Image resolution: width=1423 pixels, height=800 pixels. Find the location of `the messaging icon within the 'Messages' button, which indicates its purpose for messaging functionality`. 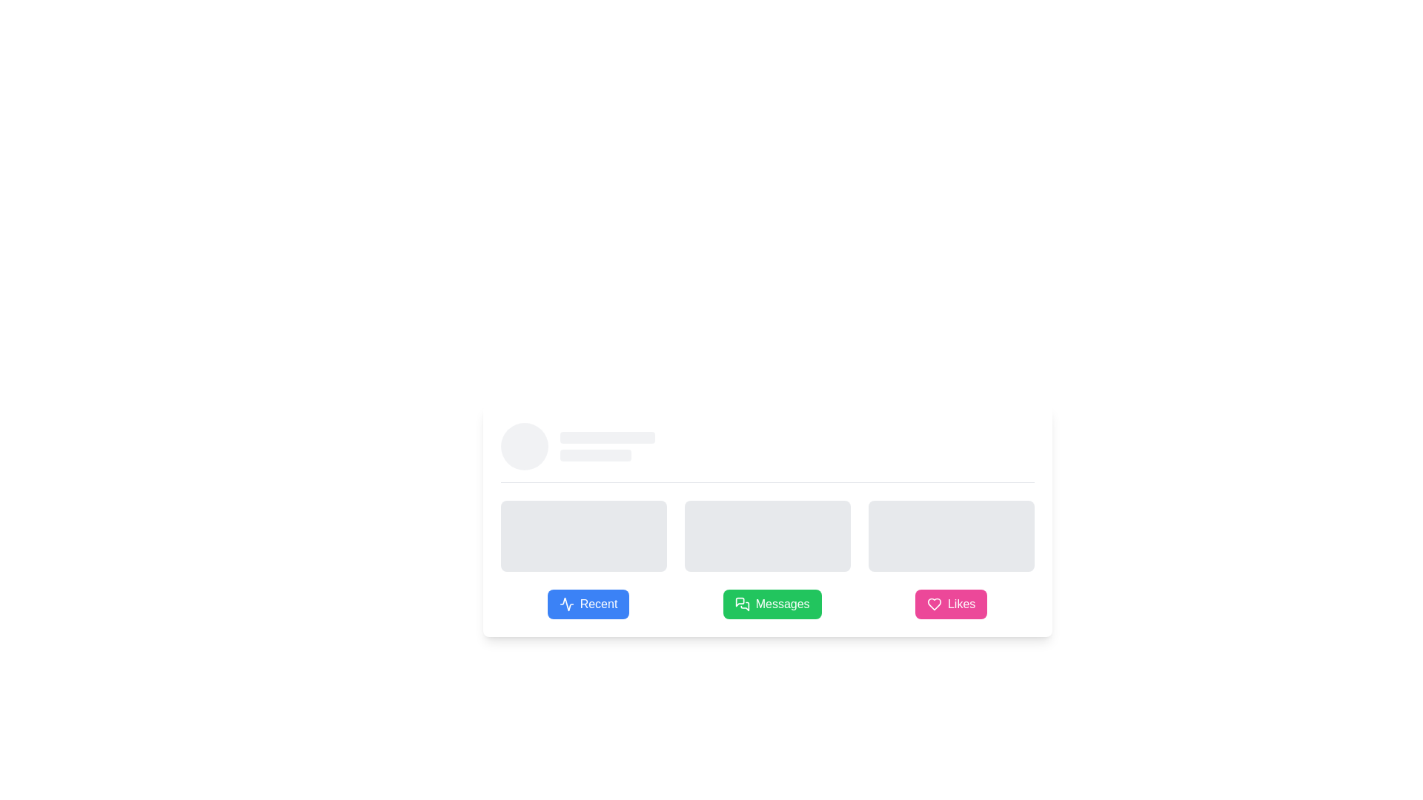

the messaging icon within the 'Messages' button, which indicates its purpose for messaging functionality is located at coordinates (740, 602).